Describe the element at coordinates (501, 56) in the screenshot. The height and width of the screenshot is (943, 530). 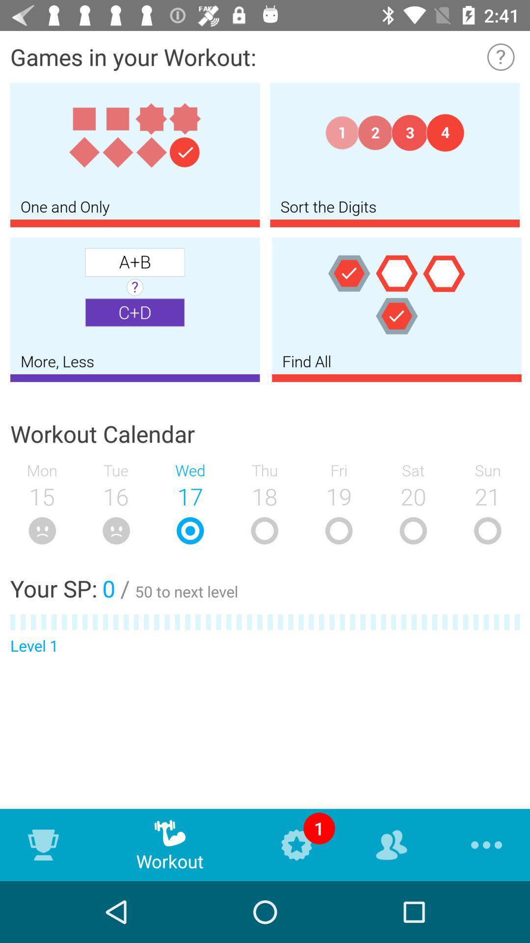
I see `help screen` at that location.